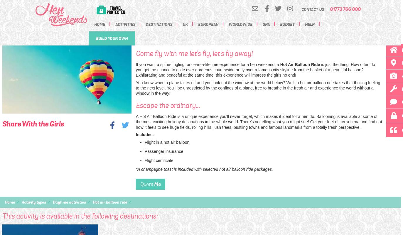 This screenshot has height=235, width=403. Describe the element at coordinates (135, 88) in the screenshot. I see `'You know when a plane takes off and you look out the window at the world below? Well, a hot air balloon ride takes that thrilling feeling to the next level. You'll be unrestricted by the confines of a plane, free to breathe in the fresh air and experience the world without a window in the way!'` at that location.